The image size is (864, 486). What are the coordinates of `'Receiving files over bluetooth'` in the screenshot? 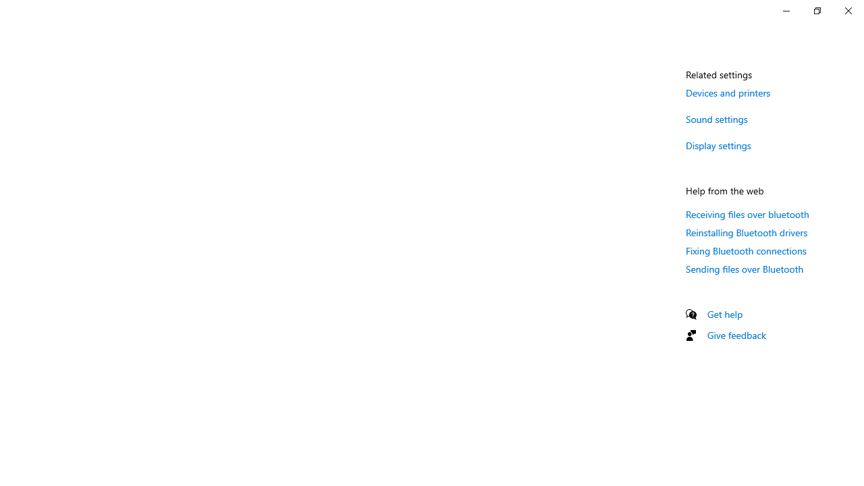 It's located at (747, 213).